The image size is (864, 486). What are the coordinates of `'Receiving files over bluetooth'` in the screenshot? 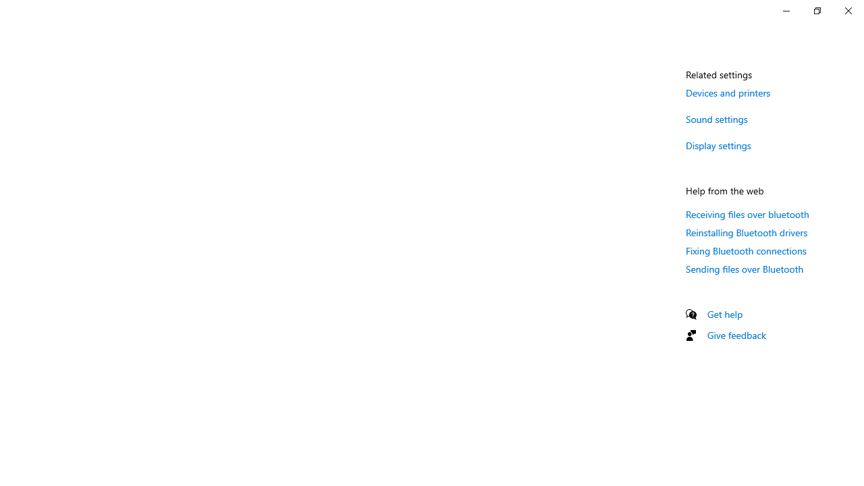 It's located at (747, 213).